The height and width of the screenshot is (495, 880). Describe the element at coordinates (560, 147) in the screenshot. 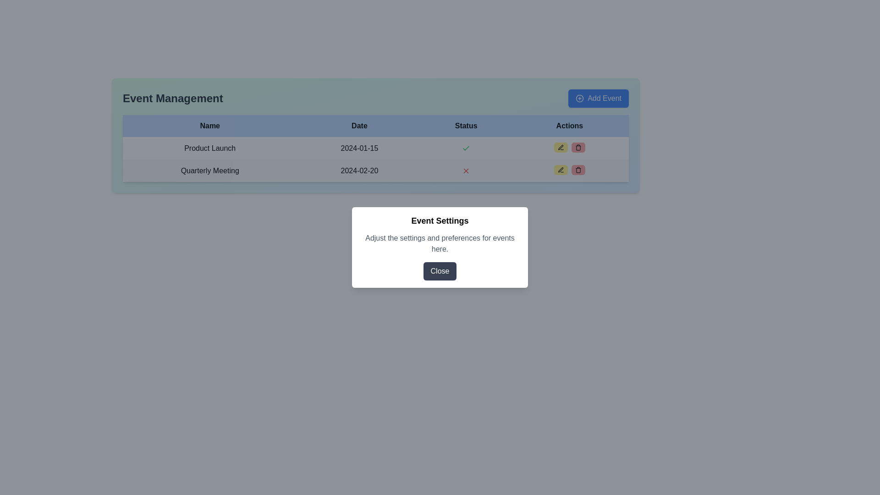

I see `the 'Edit' icon button located in the 'Actions' column of the event titled 'Quarterly Meeting'` at that location.